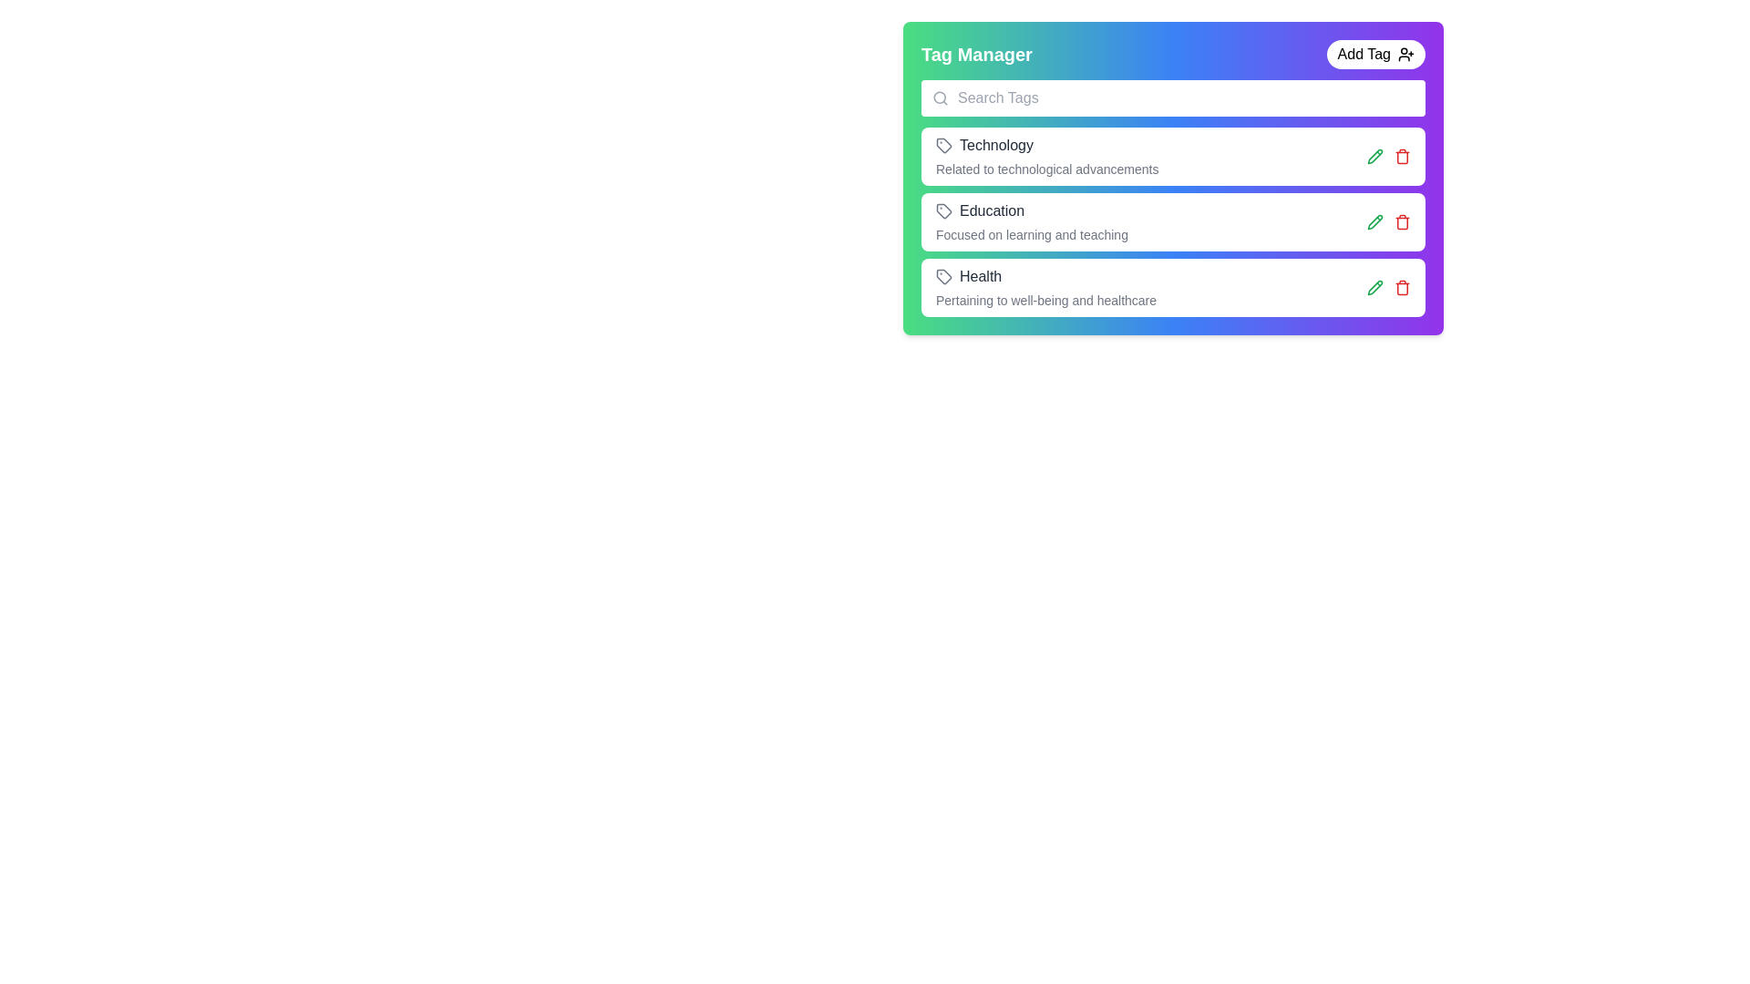 The height and width of the screenshot is (984, 1750). I want to click on the label that describes the 'Technology' tag, which is the first tag listed under the 'Tag Manager' heading, so click(995, 144).